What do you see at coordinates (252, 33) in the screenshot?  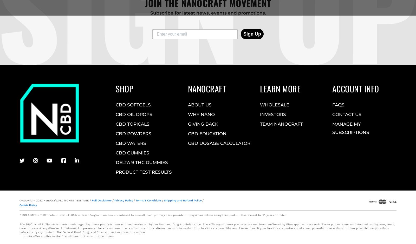 I see `'Sign Up'` at bounding box center [252, 33].